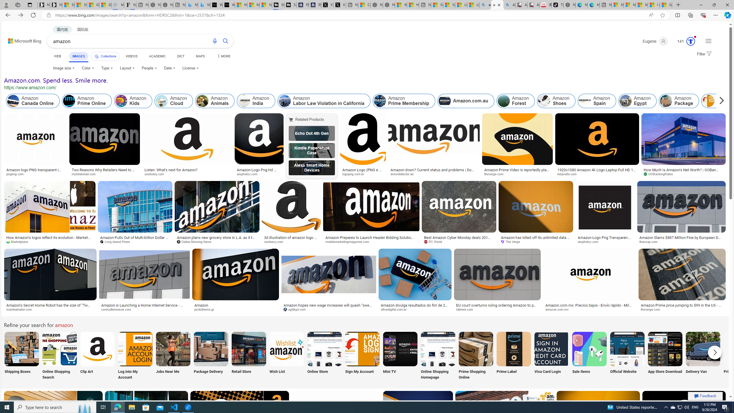 The width and height of the screenshot is (734, 413). What do you see at coordinates (187, 174) in the screenshot?
I see `'usatoday.com'` at bounding box center [187, 174].